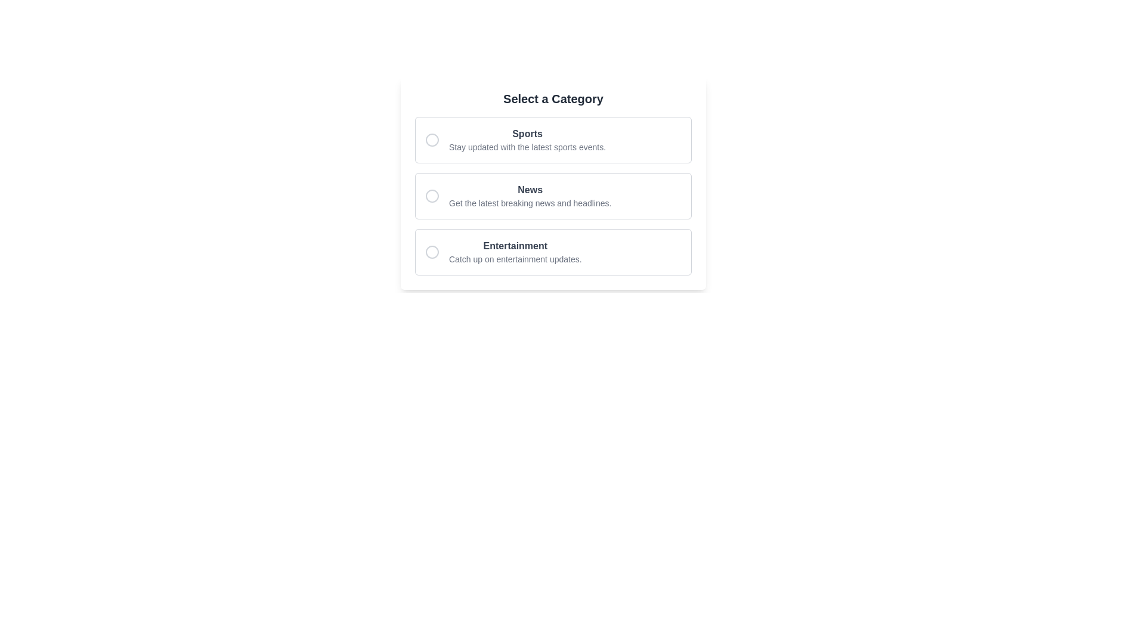  I want to click on the light-gray text label that reads 'Stay updated with the latest sports events,' located beneath the bold header 'Sports' in the card-style layout, so click(527, 146).